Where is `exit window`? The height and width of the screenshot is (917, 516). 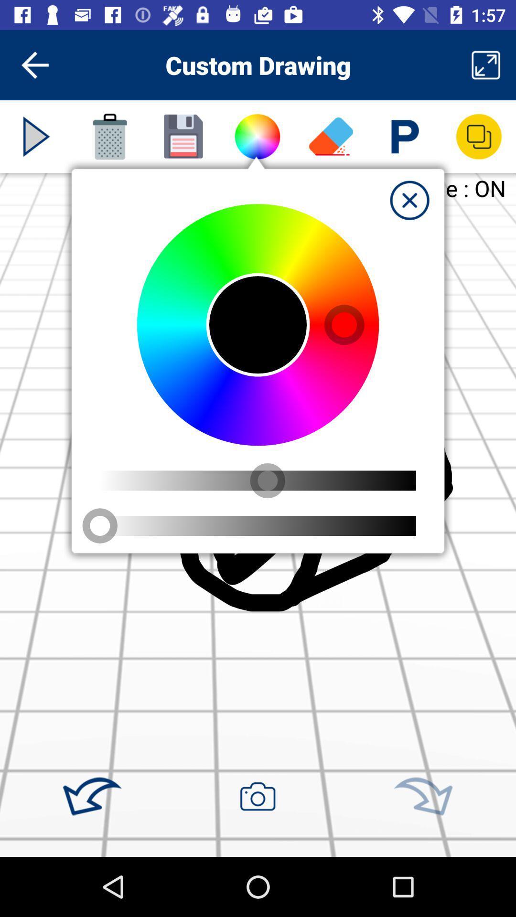
exit window is located at coordinates (409, 200).